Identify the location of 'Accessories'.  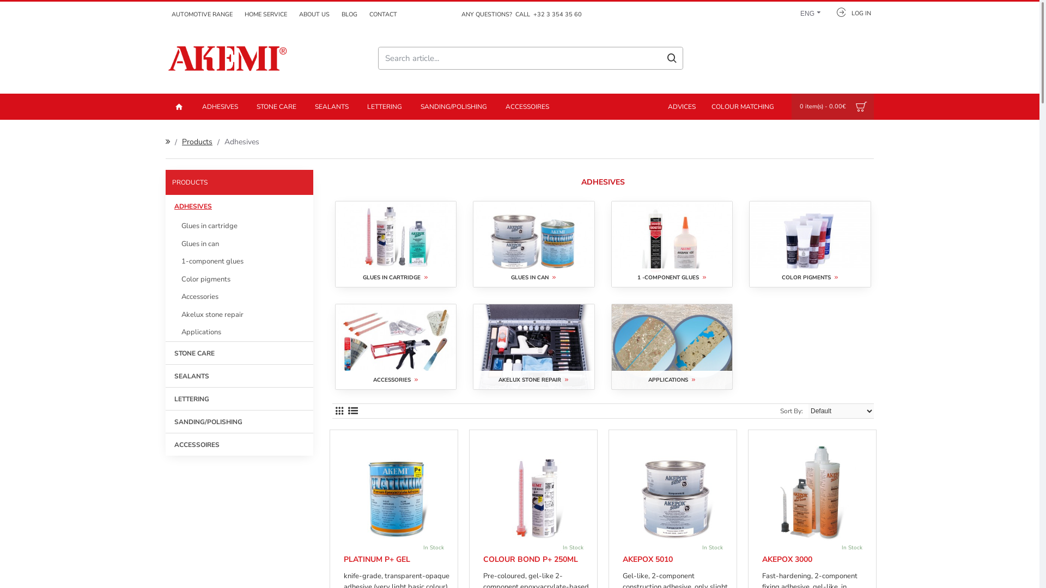
(165, 297).